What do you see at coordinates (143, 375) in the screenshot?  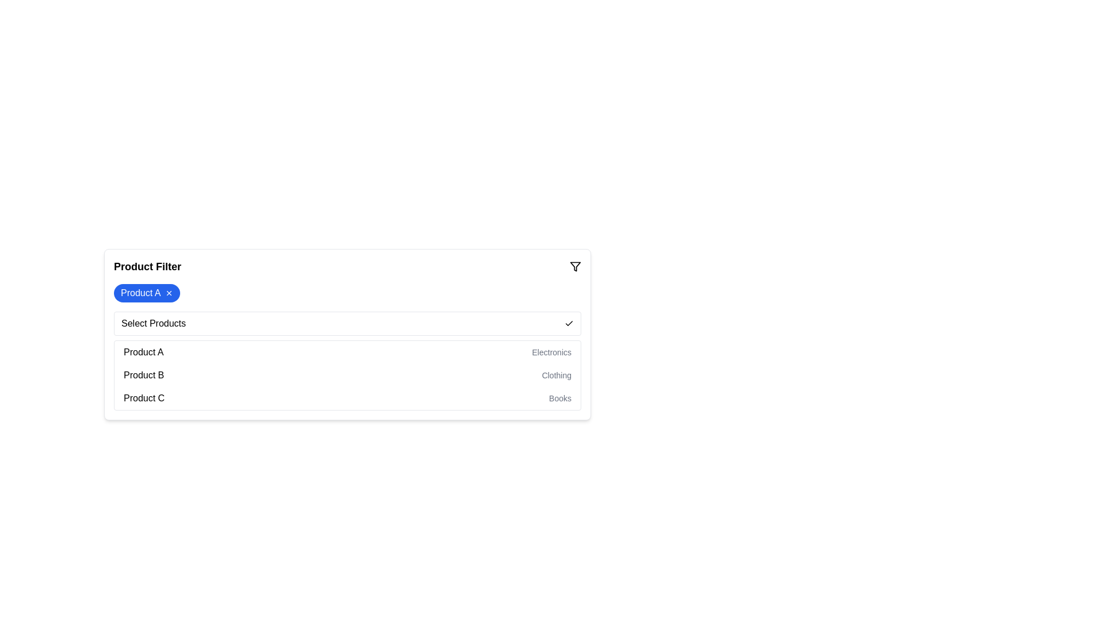 I see `the text label displaying the name 'Product B' in the product selection interface, which is the second item in the list under 'Select Products'` at bounding box center [143, 375].